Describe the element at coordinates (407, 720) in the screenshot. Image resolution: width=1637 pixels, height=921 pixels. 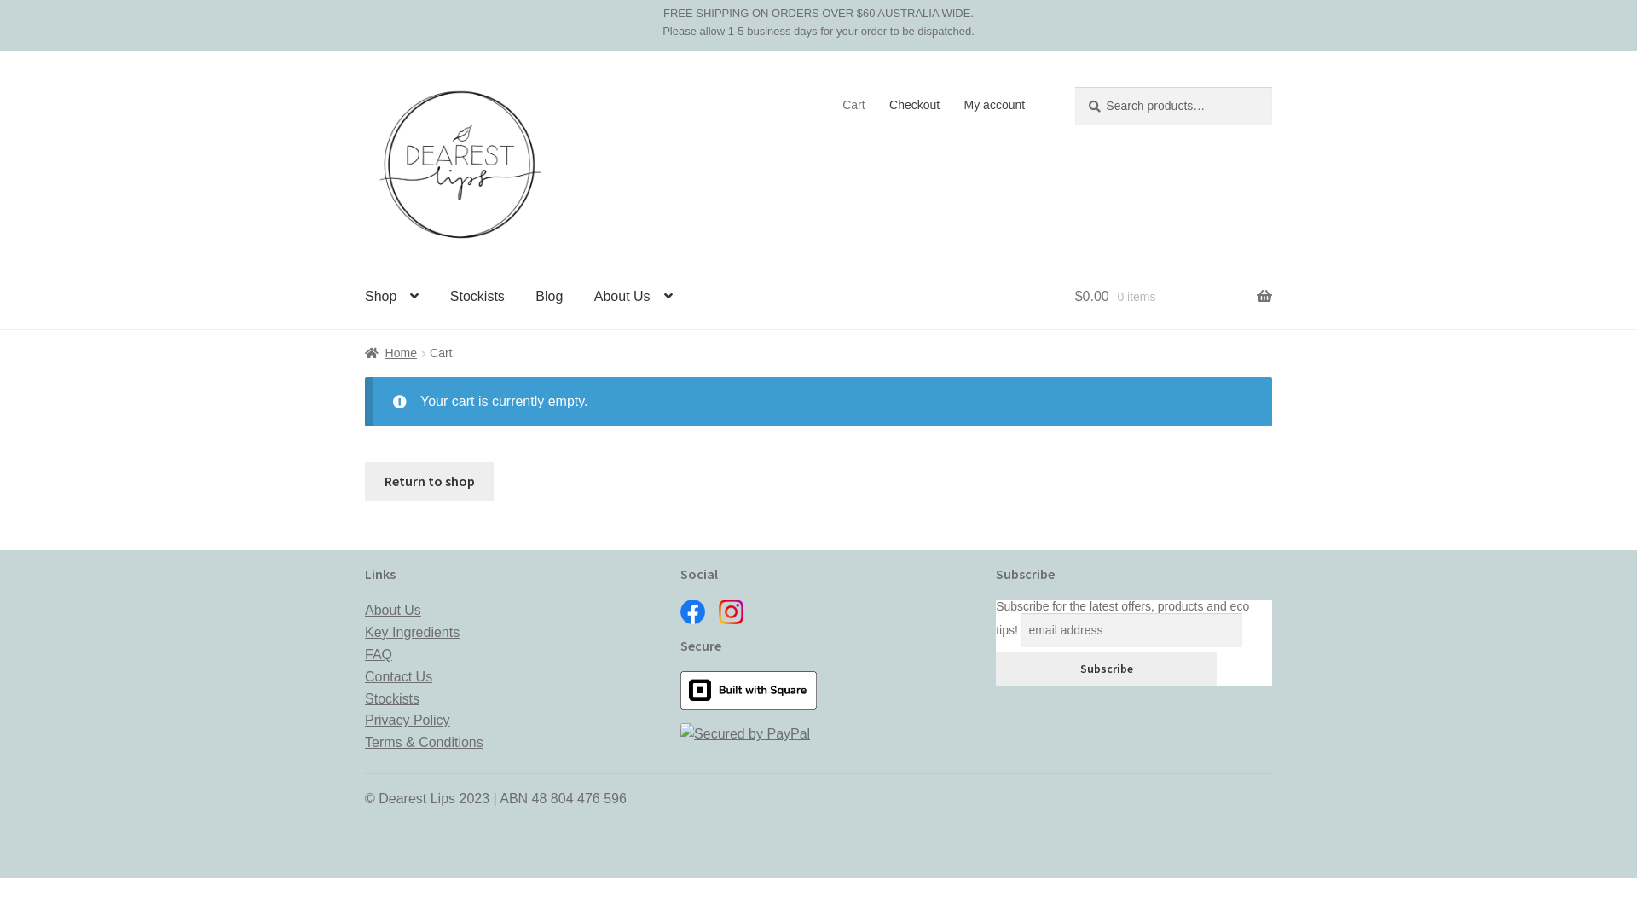
I see `'Privacy Policy'` at that location.